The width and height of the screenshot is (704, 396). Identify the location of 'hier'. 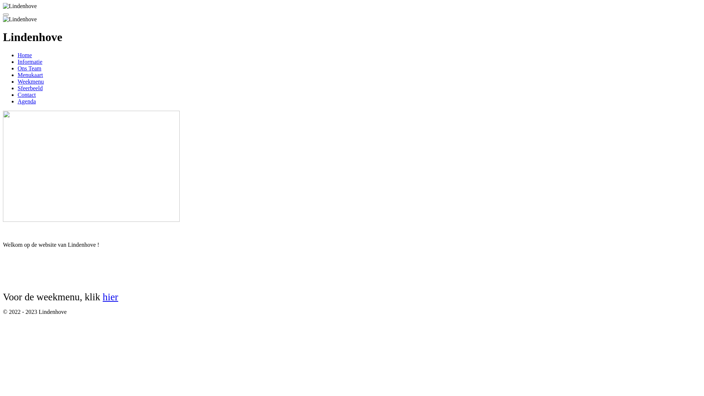
(102, 297).